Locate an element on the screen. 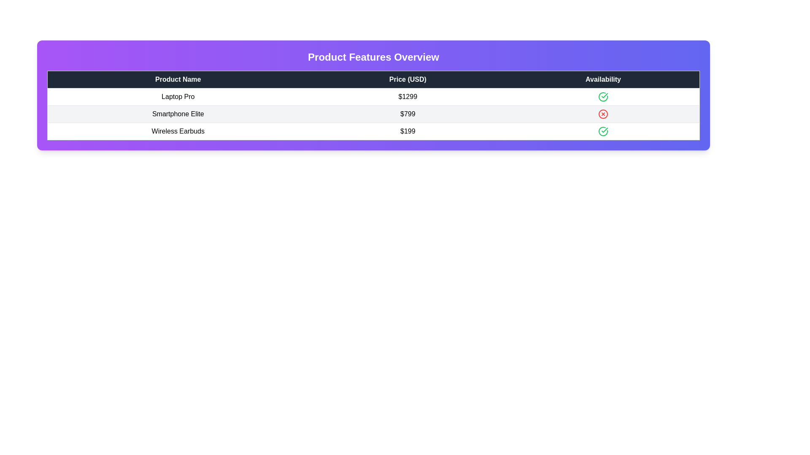  text of the static label indicating the product name located in the first row under the 'Product Name' column of the table is located at coordinates (178, 96).